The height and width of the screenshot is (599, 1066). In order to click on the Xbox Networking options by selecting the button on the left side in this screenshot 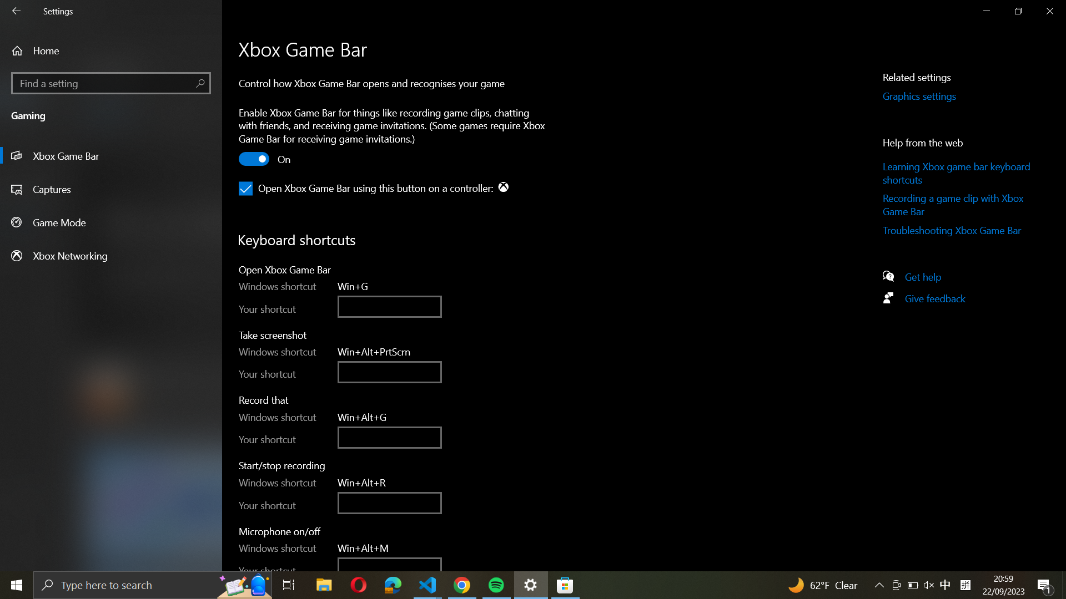, I will do `click(111, 255)`.